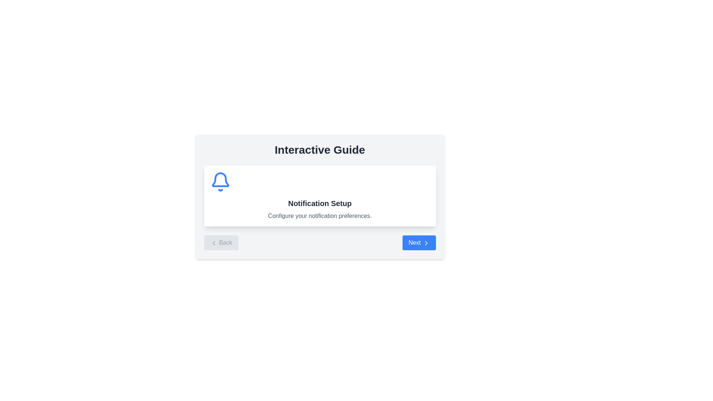 This screenshot has width=713, height=401. Describe the element at coordinates (221, 243) in the screenshot. I see `the back navigation button located at the bottom-left of the interface` at that location.